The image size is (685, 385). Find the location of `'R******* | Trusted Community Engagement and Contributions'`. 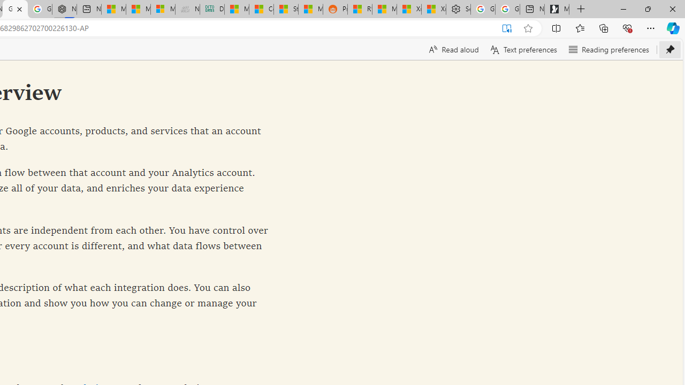

'R******* | Trusted Community Engagement and Contributions' is located at coordinates (360, 9).